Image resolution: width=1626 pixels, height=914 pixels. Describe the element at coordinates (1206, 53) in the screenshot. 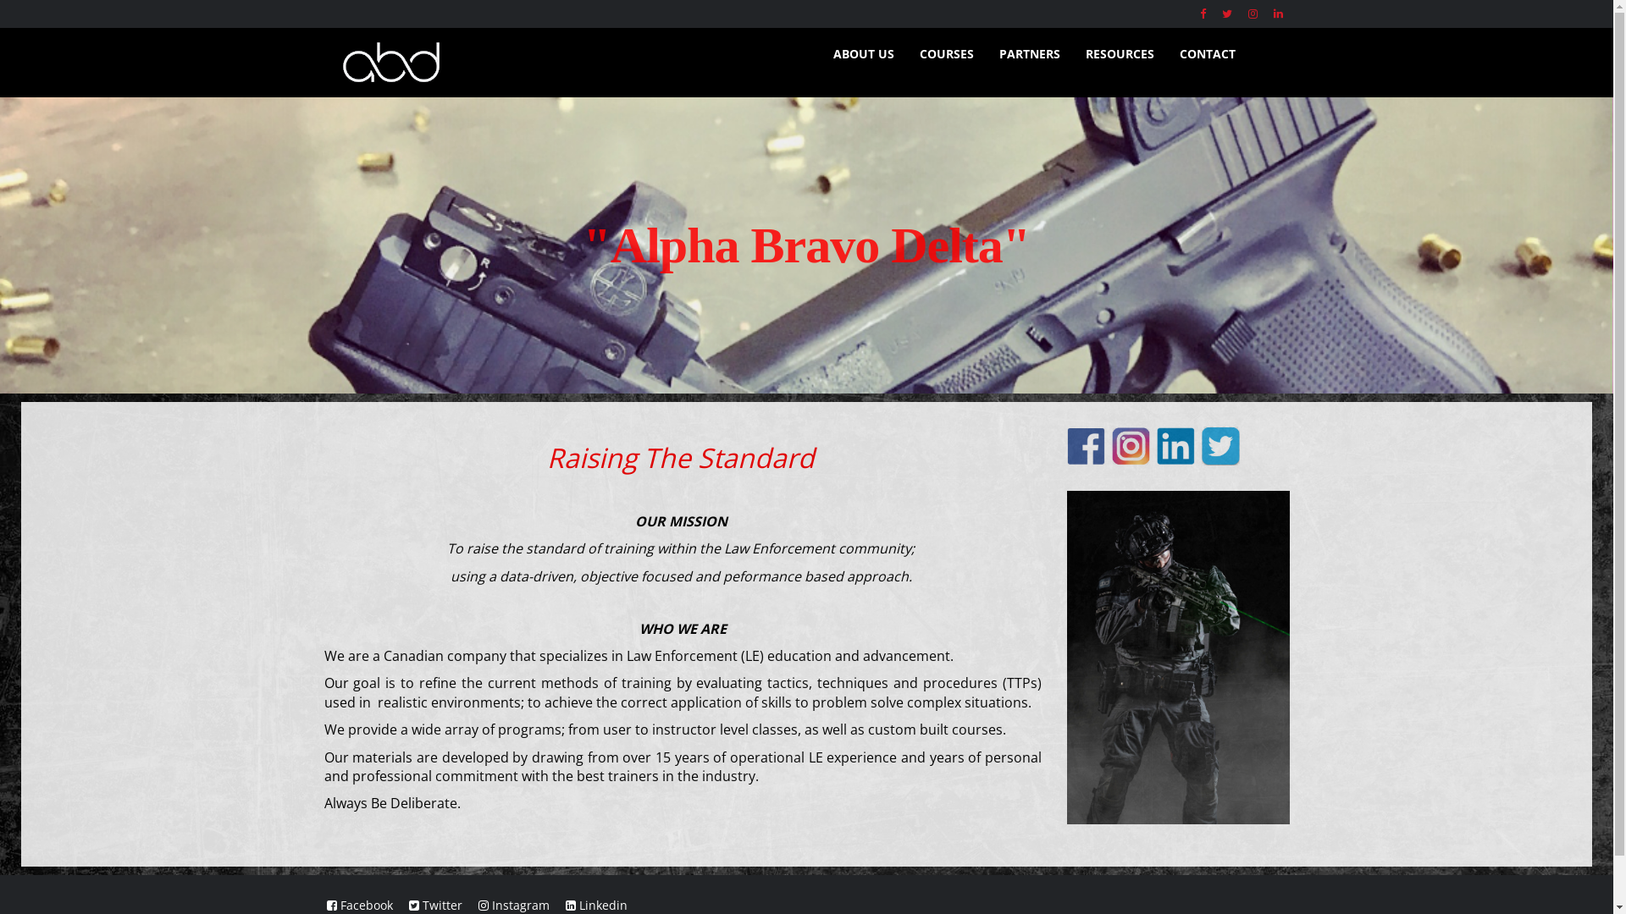

I see `'CONTACT'` at that location.